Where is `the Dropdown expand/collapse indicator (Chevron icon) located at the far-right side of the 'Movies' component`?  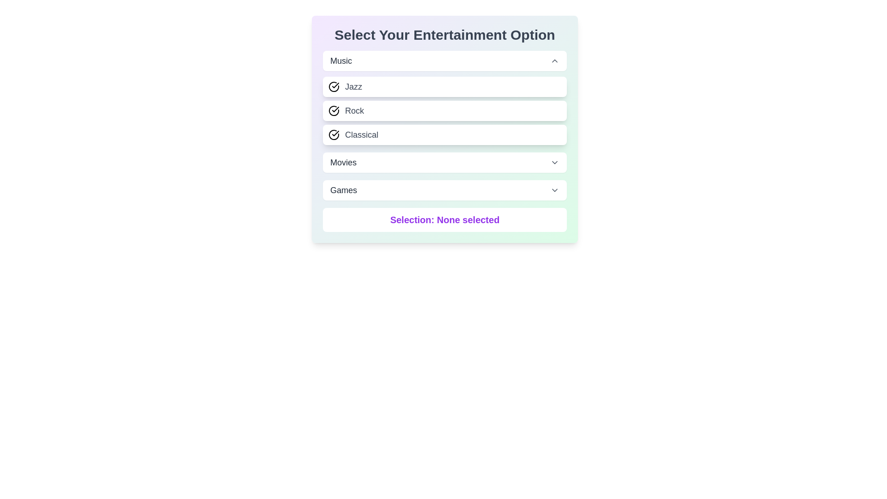
the Dropdown expand/collapse indicator (Chevron icon) located at the far-right side of the 'Movies' component is located at coordinates (554, 162).